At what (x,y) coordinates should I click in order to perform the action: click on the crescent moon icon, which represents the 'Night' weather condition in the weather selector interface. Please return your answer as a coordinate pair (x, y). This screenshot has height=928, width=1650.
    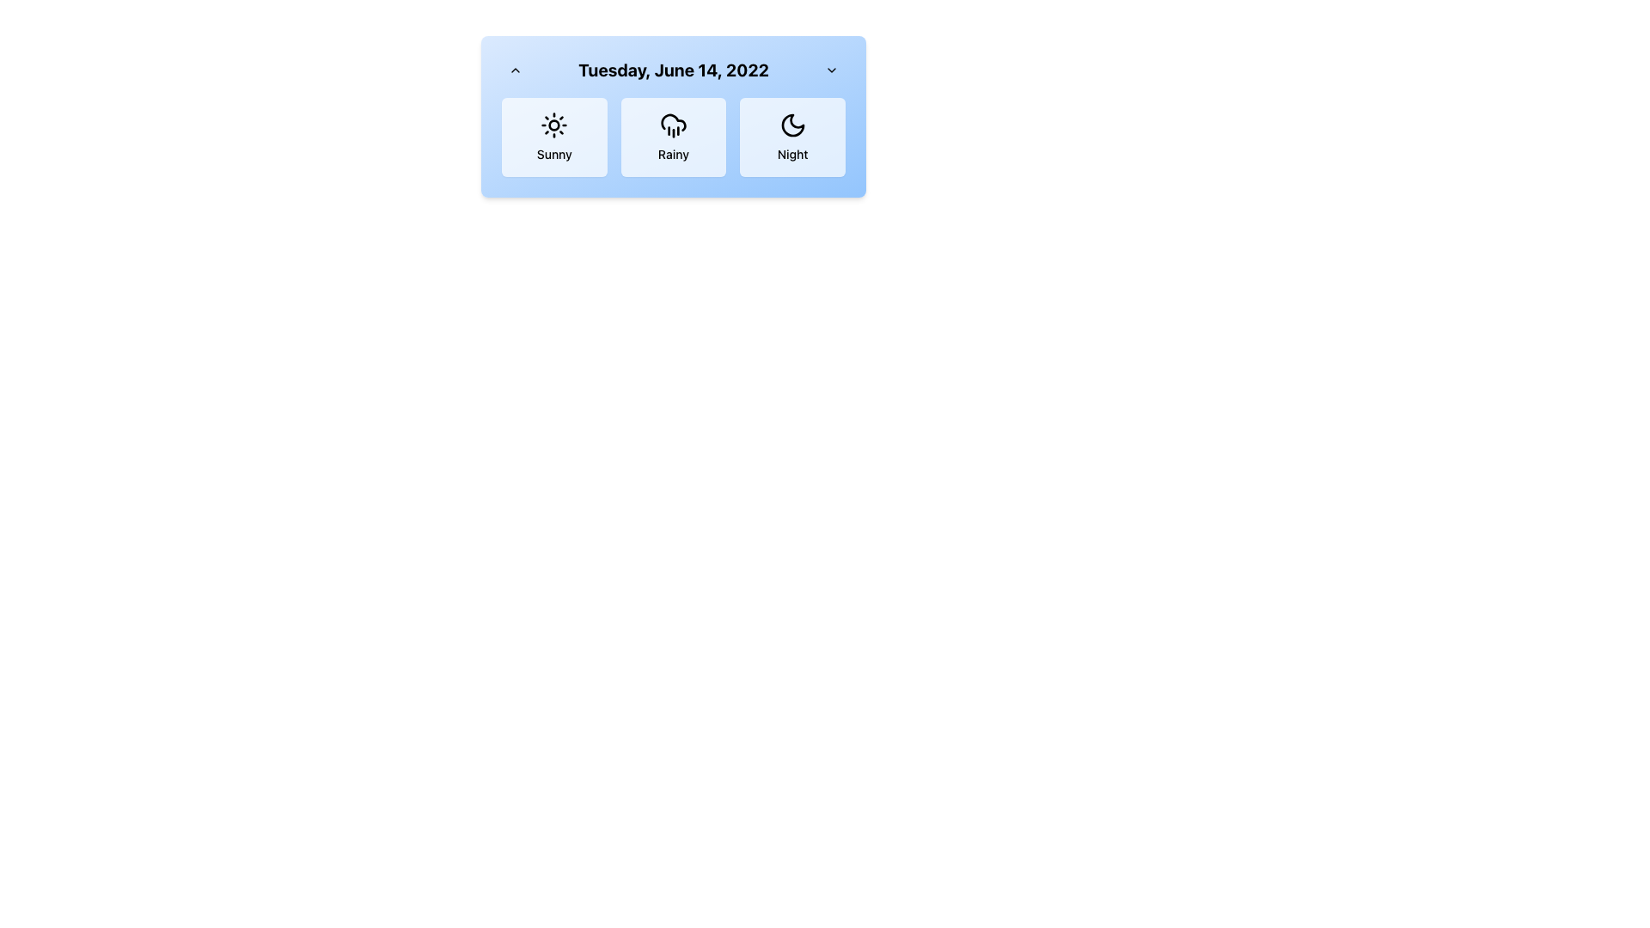
    Looking at the image, I should click on (791, 125).